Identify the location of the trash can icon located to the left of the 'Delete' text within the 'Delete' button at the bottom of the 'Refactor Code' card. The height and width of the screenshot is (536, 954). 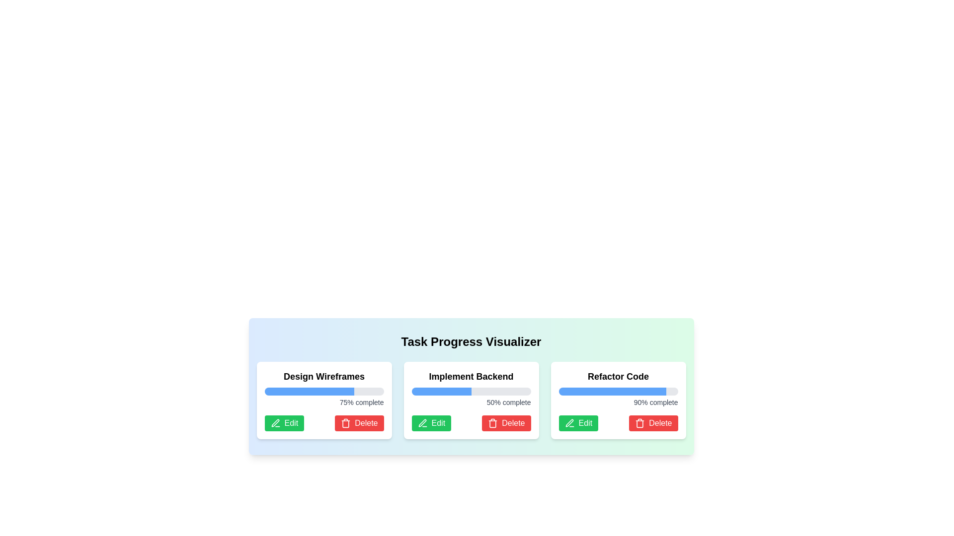
(640, 423).